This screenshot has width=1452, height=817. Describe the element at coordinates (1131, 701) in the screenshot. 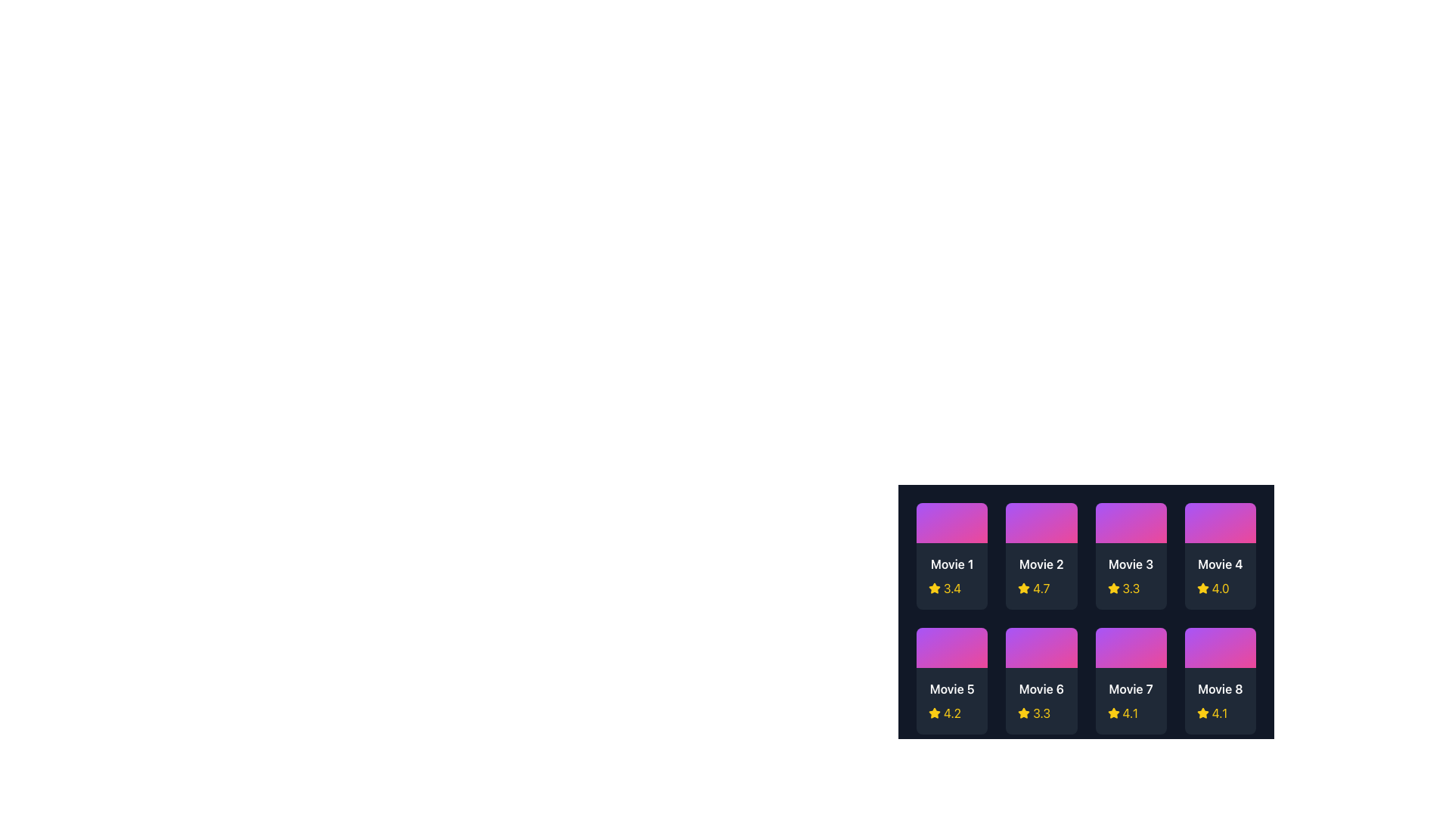

I see `the static informational component displaying the movie's title and rating located in the second row, third column of the grid layout` at that location.